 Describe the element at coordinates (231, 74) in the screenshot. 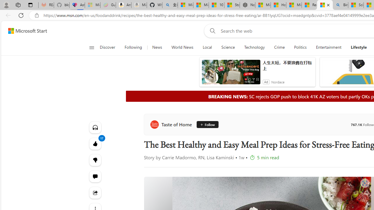

I see `'anim-content'` at that location.